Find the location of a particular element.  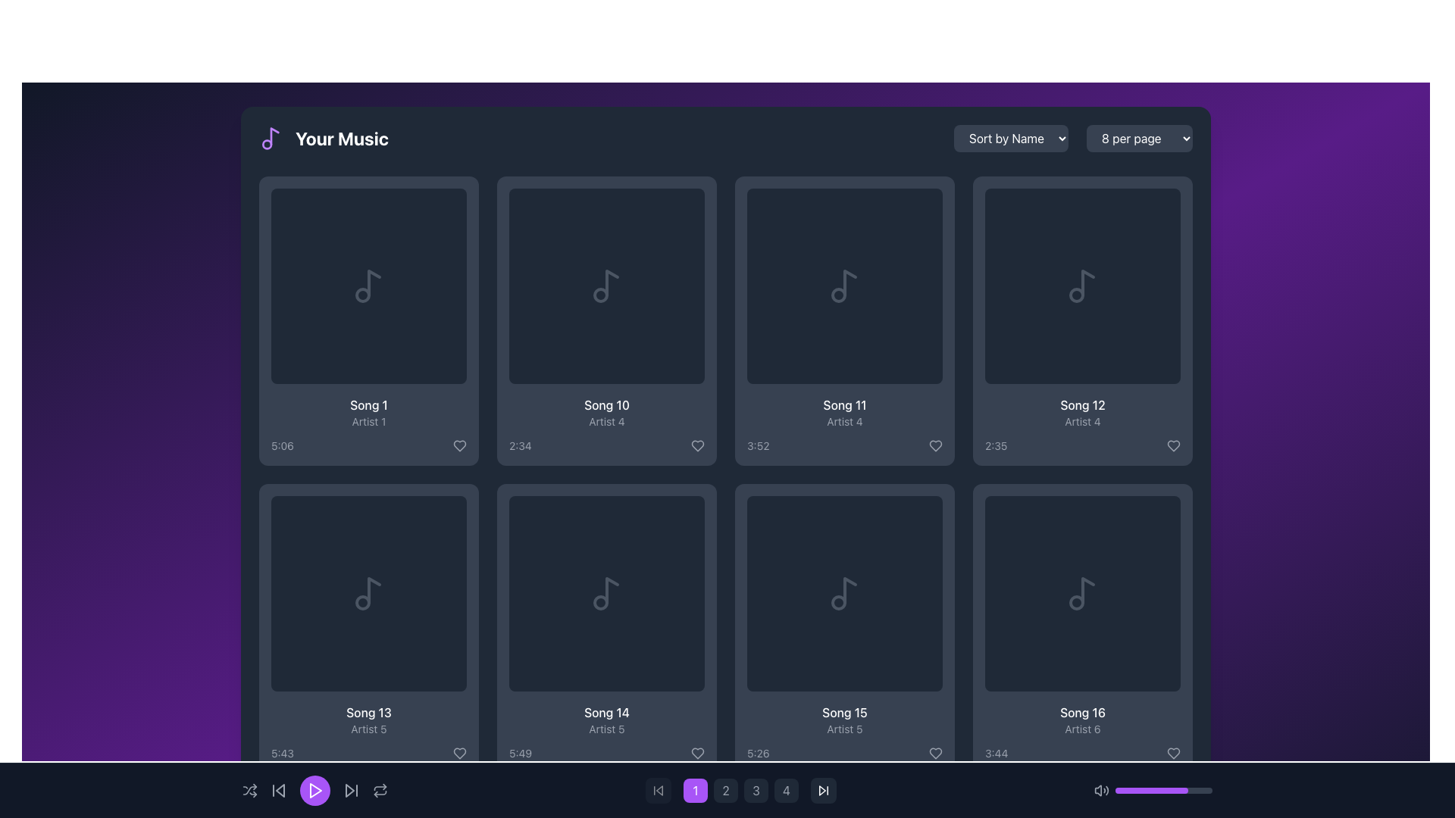

the text label displaying the song title located inside the sixth song card in the last row of the grid layout, beneath 'Artist 6' is located at coordinates (1082, 713).